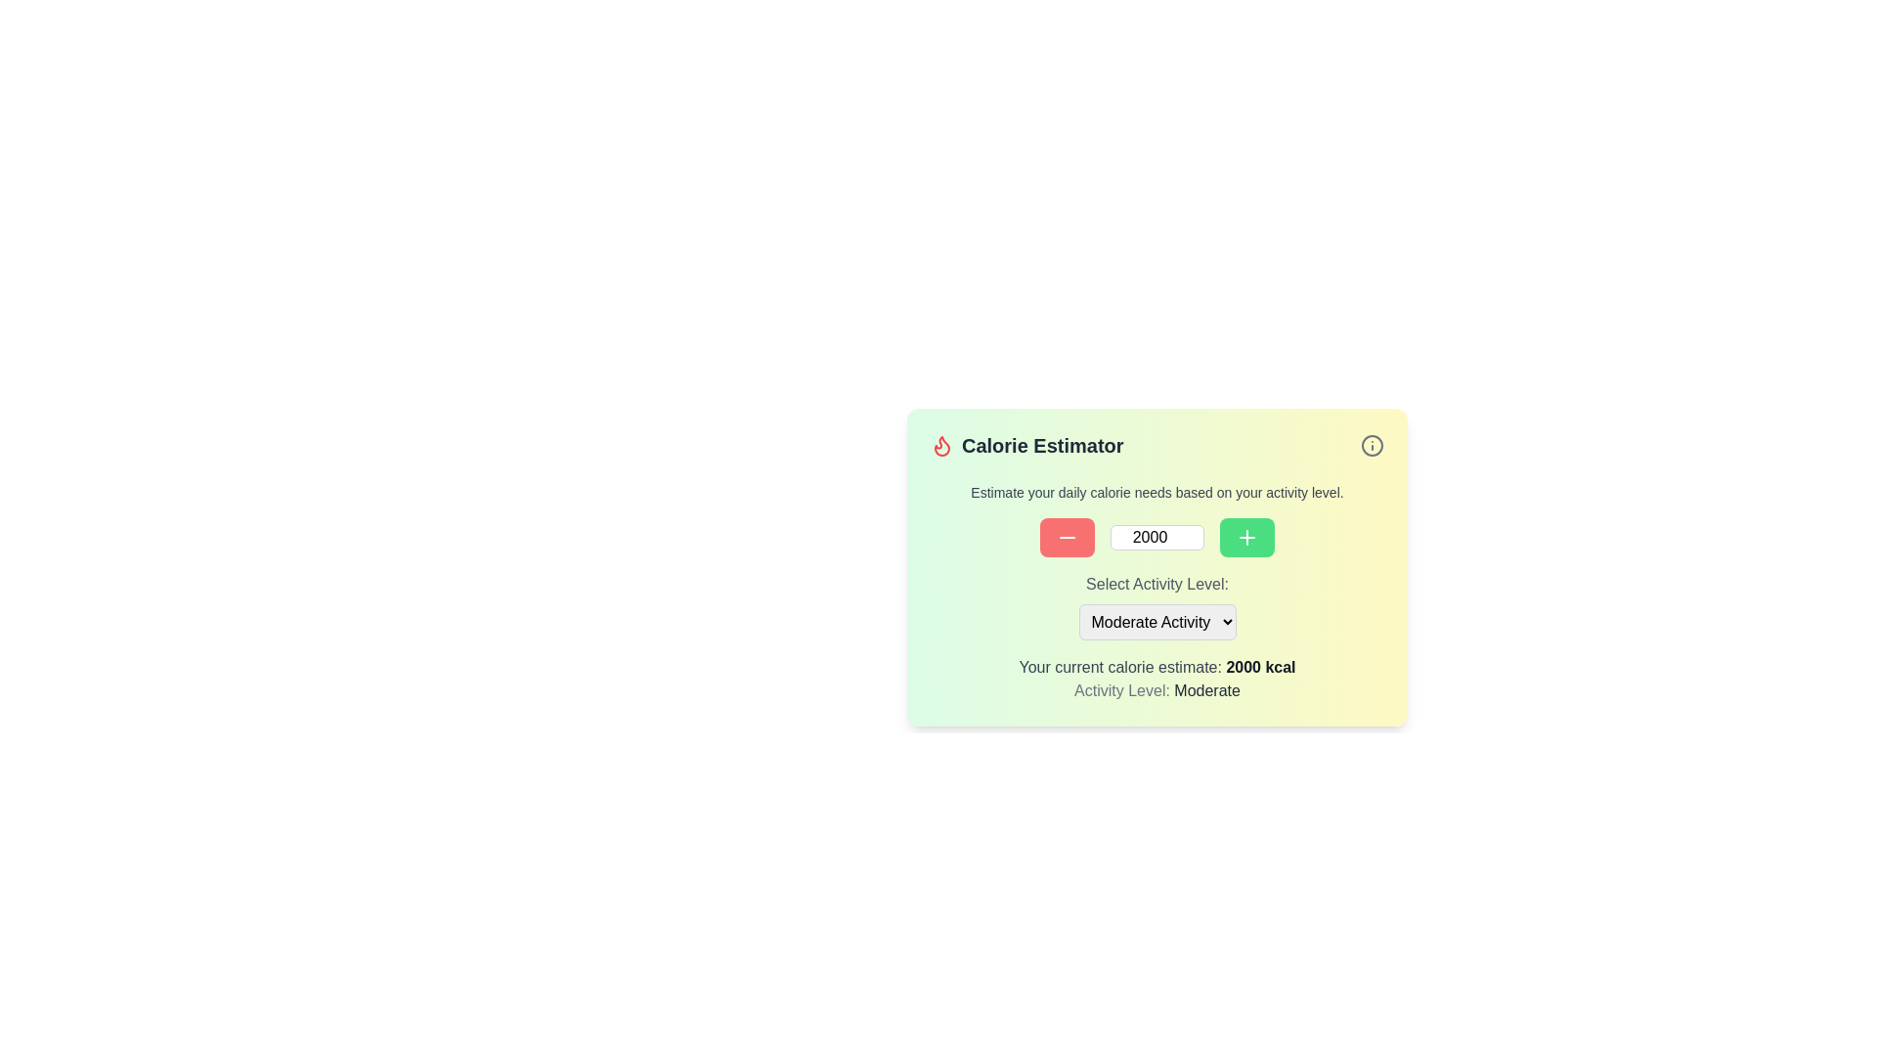  What do you see at coordinates (1157, 583) in the screenshot?
I see `the Text Label that describes the dropdown menu for selecting an activity level, located near the upper-center of the form` at bounding box center [1157, 583].